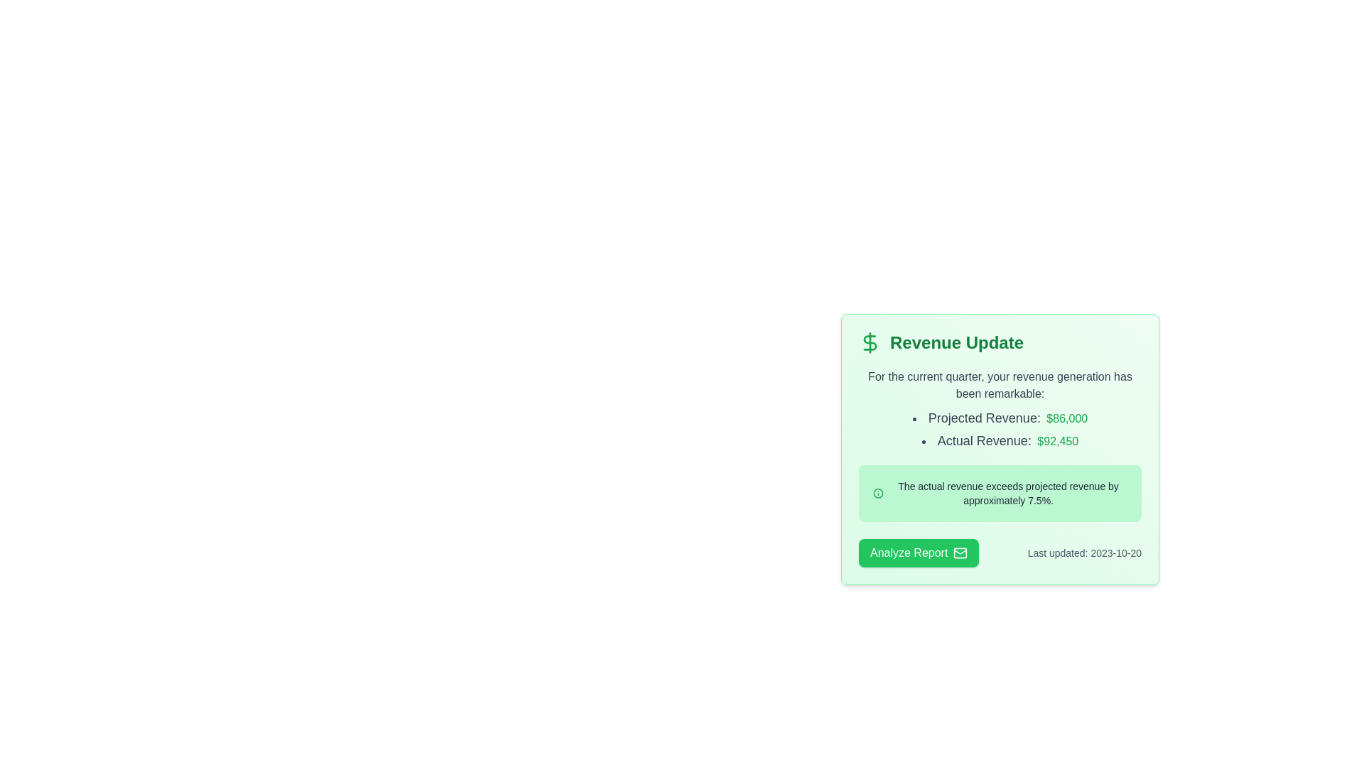  Describe the element at coordinates (1007, 492) in the screenshot. I see `text that states 'The actual revenue exceeds projected revenue by approximately 7.5%.' which is styled in smaller gray text next to a green information icon in a green box` at that location.